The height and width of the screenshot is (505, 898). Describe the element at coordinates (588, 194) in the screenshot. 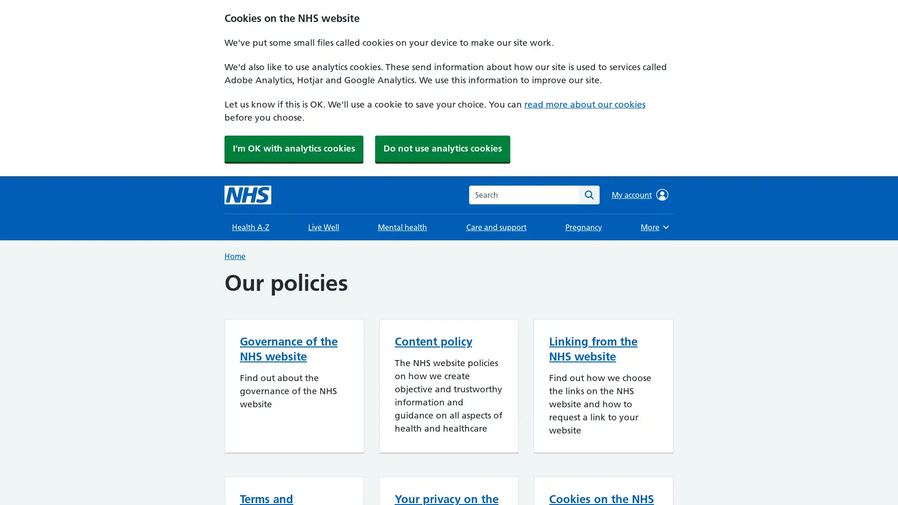

I see `Search` at that location.